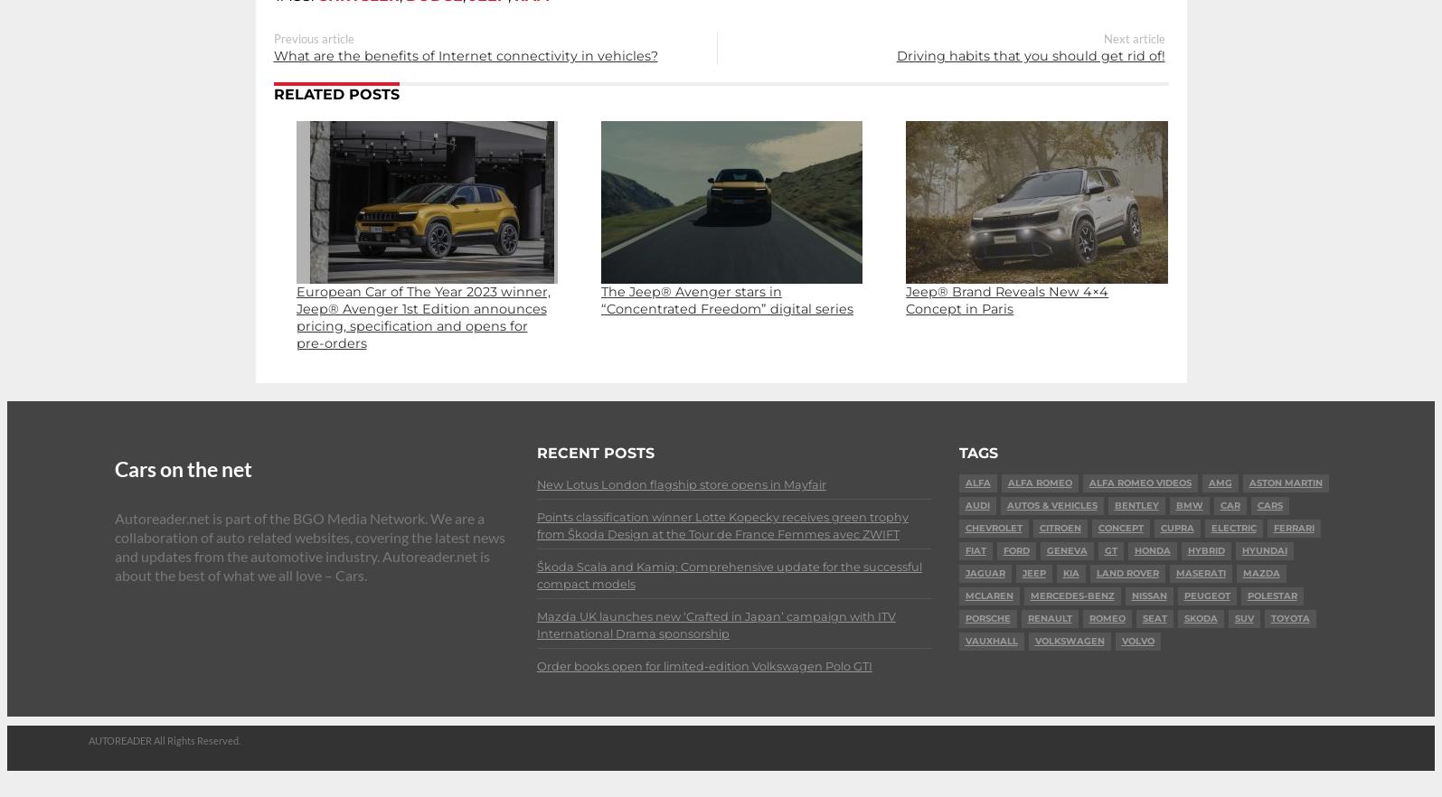  What do you see at coordinates (313, 38) in the screenshot?
I see `'Previous article'` at bounding box center [313, 38].